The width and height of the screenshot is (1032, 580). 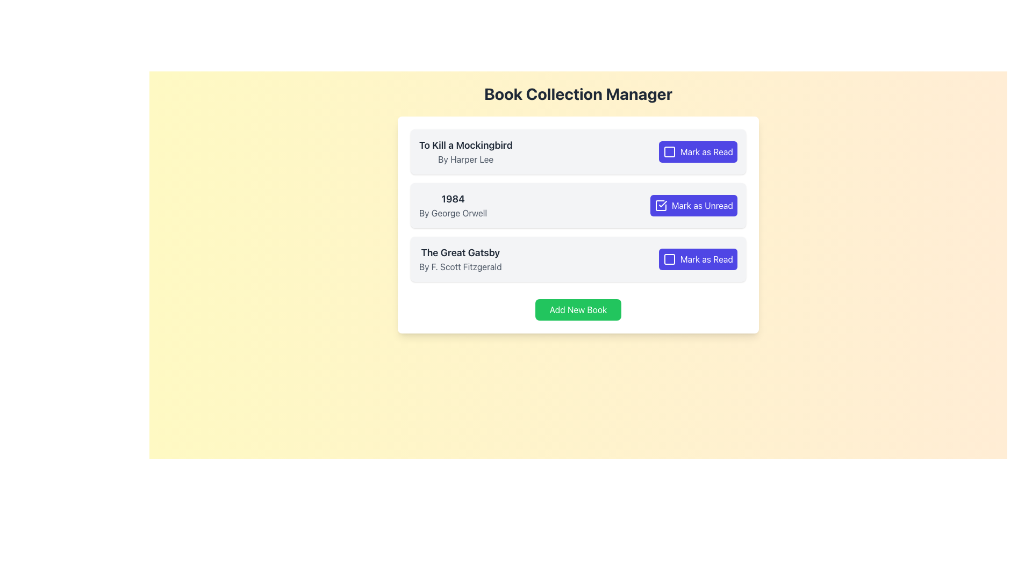 I want to click on the second book entry in the list, which has a button, so click(x=577, y=205).